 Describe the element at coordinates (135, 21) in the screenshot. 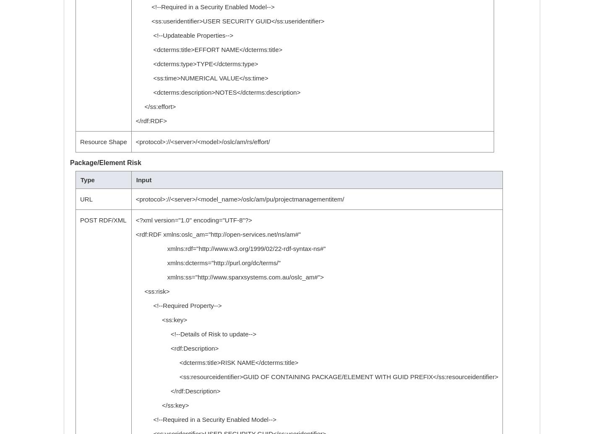

I see `'<ss:useridentifier>USER SECURITY GUID</ss:useridentifier>'` at that location.